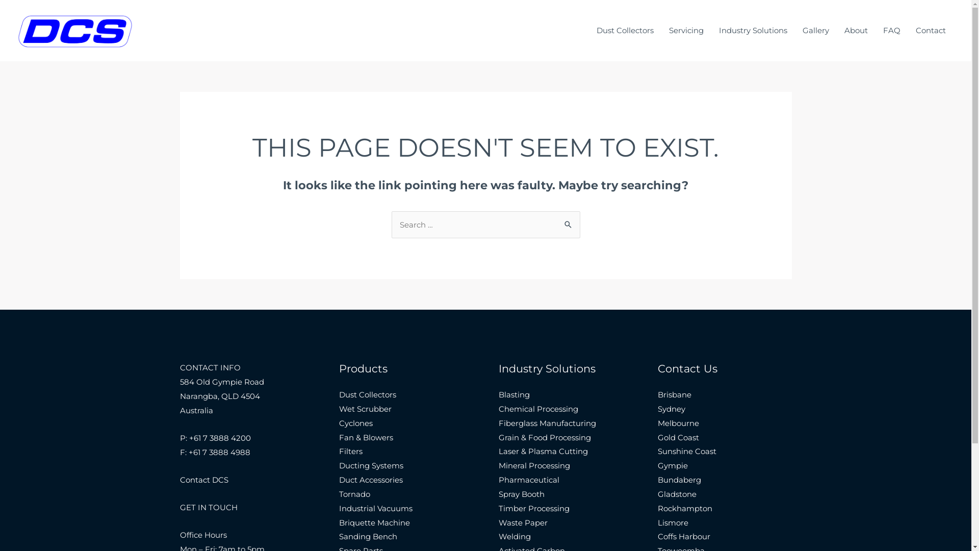  Describe the element at coordinates (538, 408) in the screenshot. I see `'Chemical Processing'` at that location.